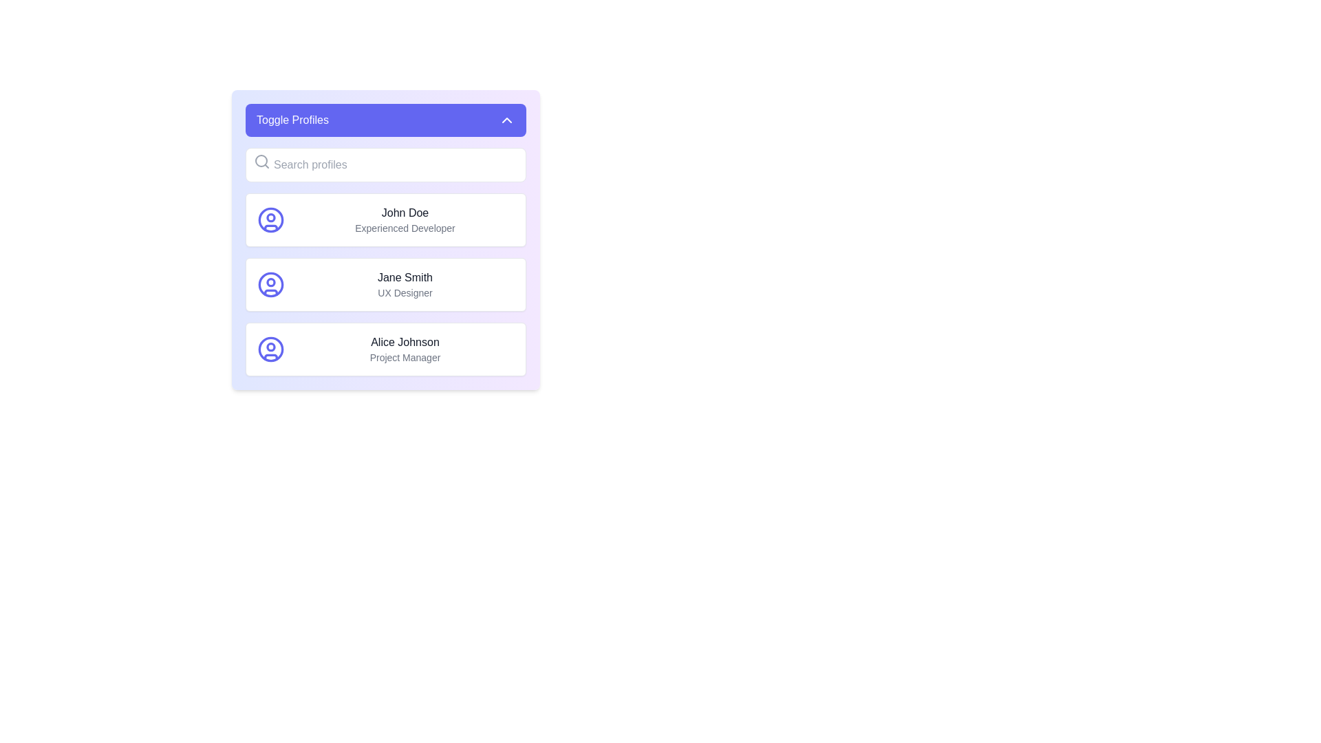 The width and height of the screenshot is (1321, 743). What do you see at coordinates (292, 119) in the screenshot?
I see `the 'Toggle Profiles' text label, which is displayed in white font on a blue background within a rounded rectangular button at the top-left of the interface` at bounding box center [292, 119].